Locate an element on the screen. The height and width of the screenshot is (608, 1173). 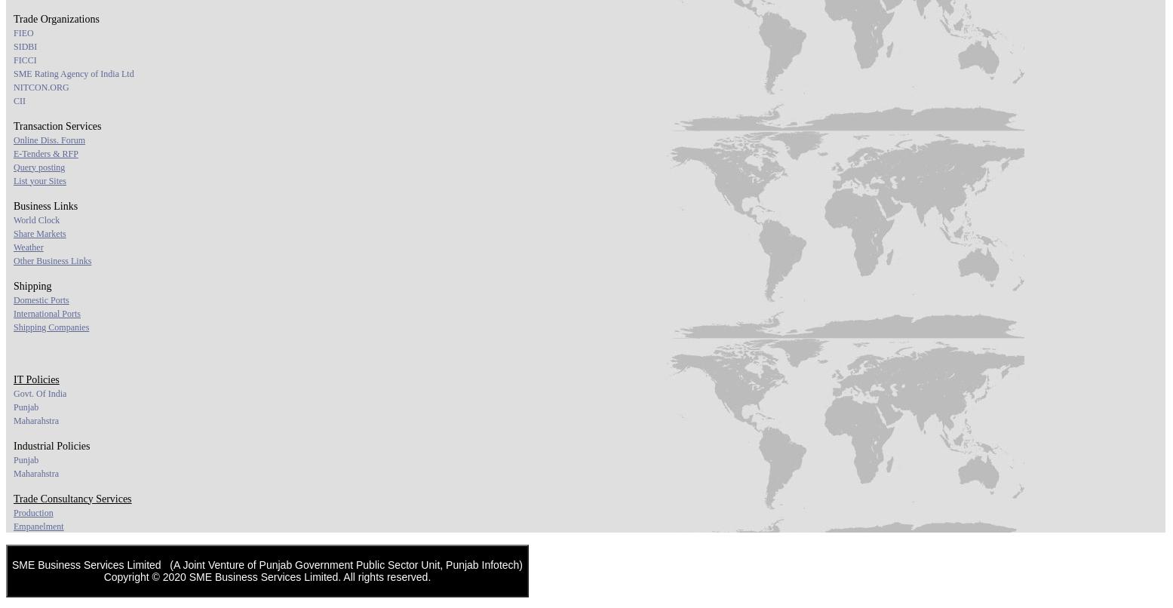
'FIEO' is located at coordinates (23, 32).